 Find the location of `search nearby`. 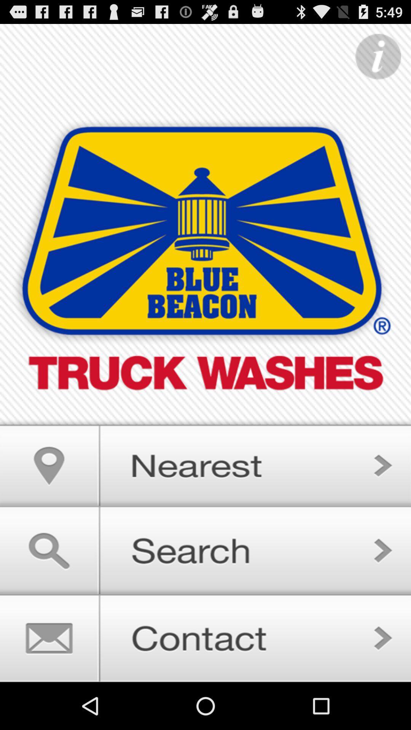

search nearby is located at coordinates (205, 462).